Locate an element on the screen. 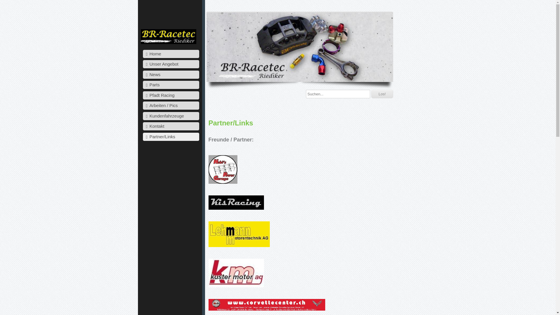  'Partner/Links' is located at coordinates (143, 137).